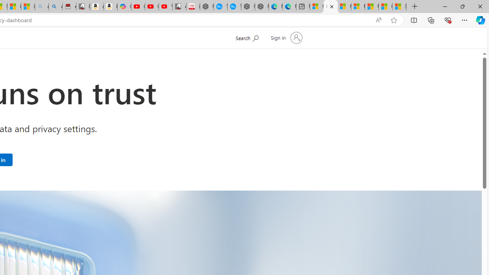 This screenshot has width=489, height=275. Describe the element at coordinates (41, 6) in the screenshot. I see `'amazon - Search - Sleeping'` at that location.